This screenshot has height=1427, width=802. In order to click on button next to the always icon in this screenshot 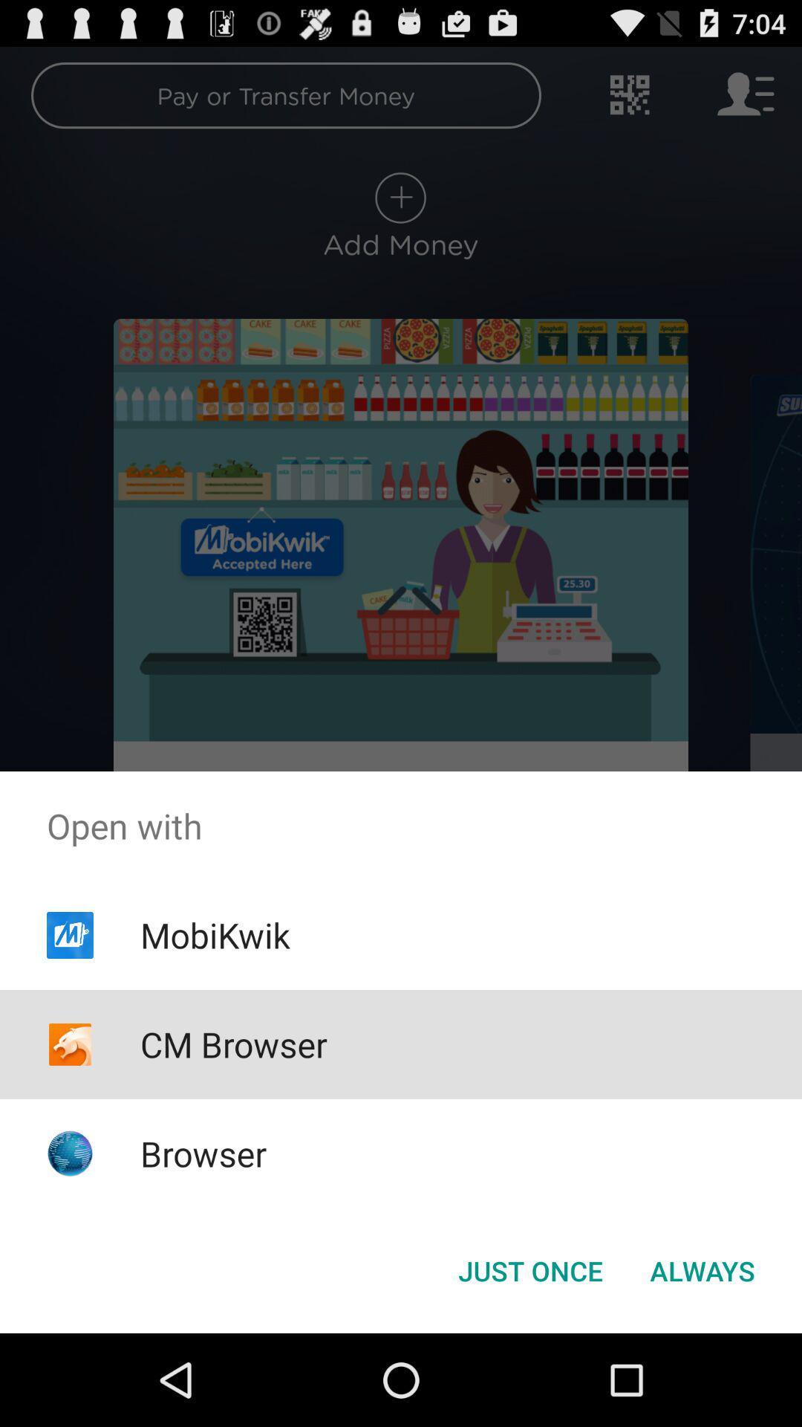, I will do `click(529, 1269)`.